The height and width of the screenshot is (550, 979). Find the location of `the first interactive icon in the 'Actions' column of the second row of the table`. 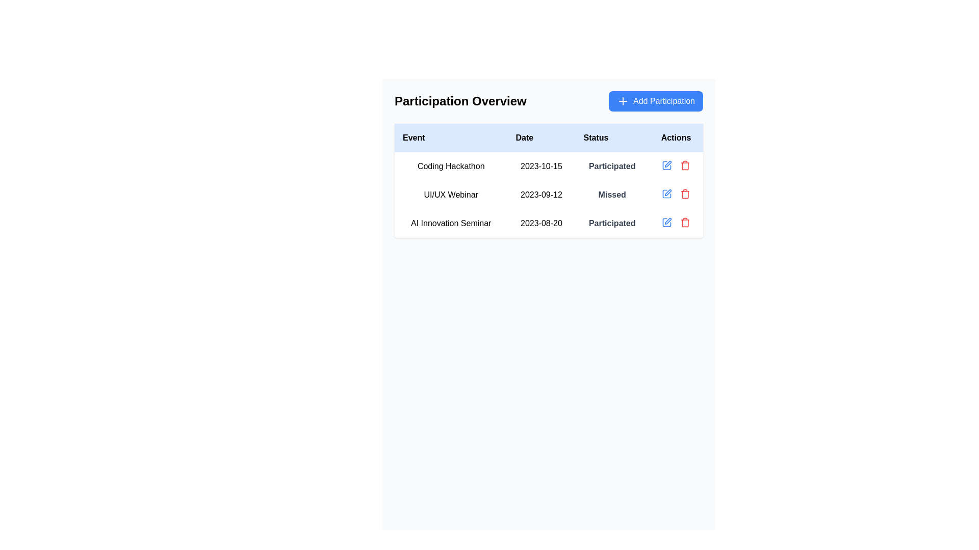

the first interactive icon in the 'Actions' column of the second row of the table is located at coordinates (666, 164).